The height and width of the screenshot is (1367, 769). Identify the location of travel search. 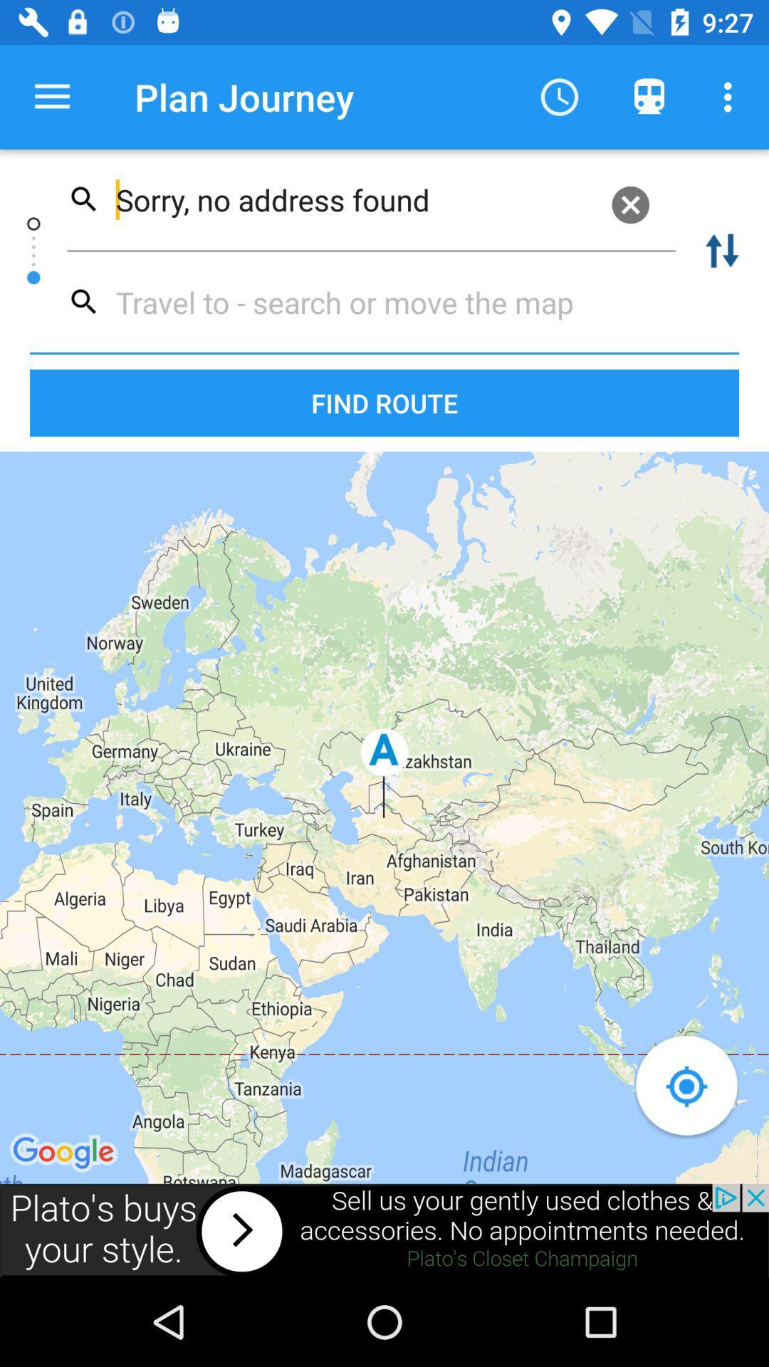
(365, 301).